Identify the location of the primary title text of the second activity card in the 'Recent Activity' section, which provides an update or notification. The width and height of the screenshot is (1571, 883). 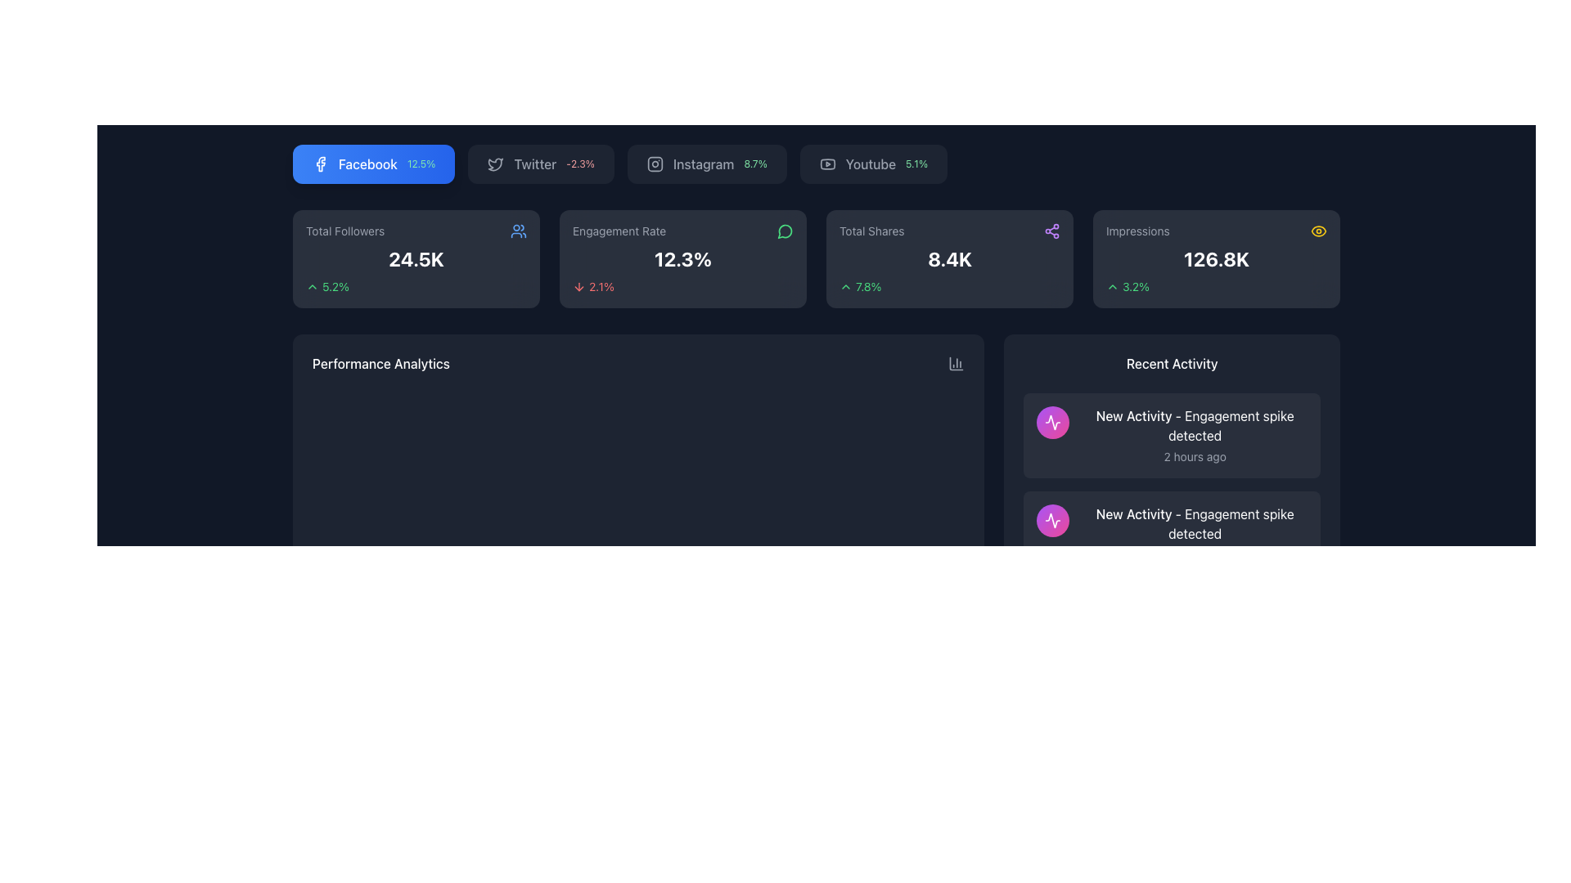
(1195, 523).